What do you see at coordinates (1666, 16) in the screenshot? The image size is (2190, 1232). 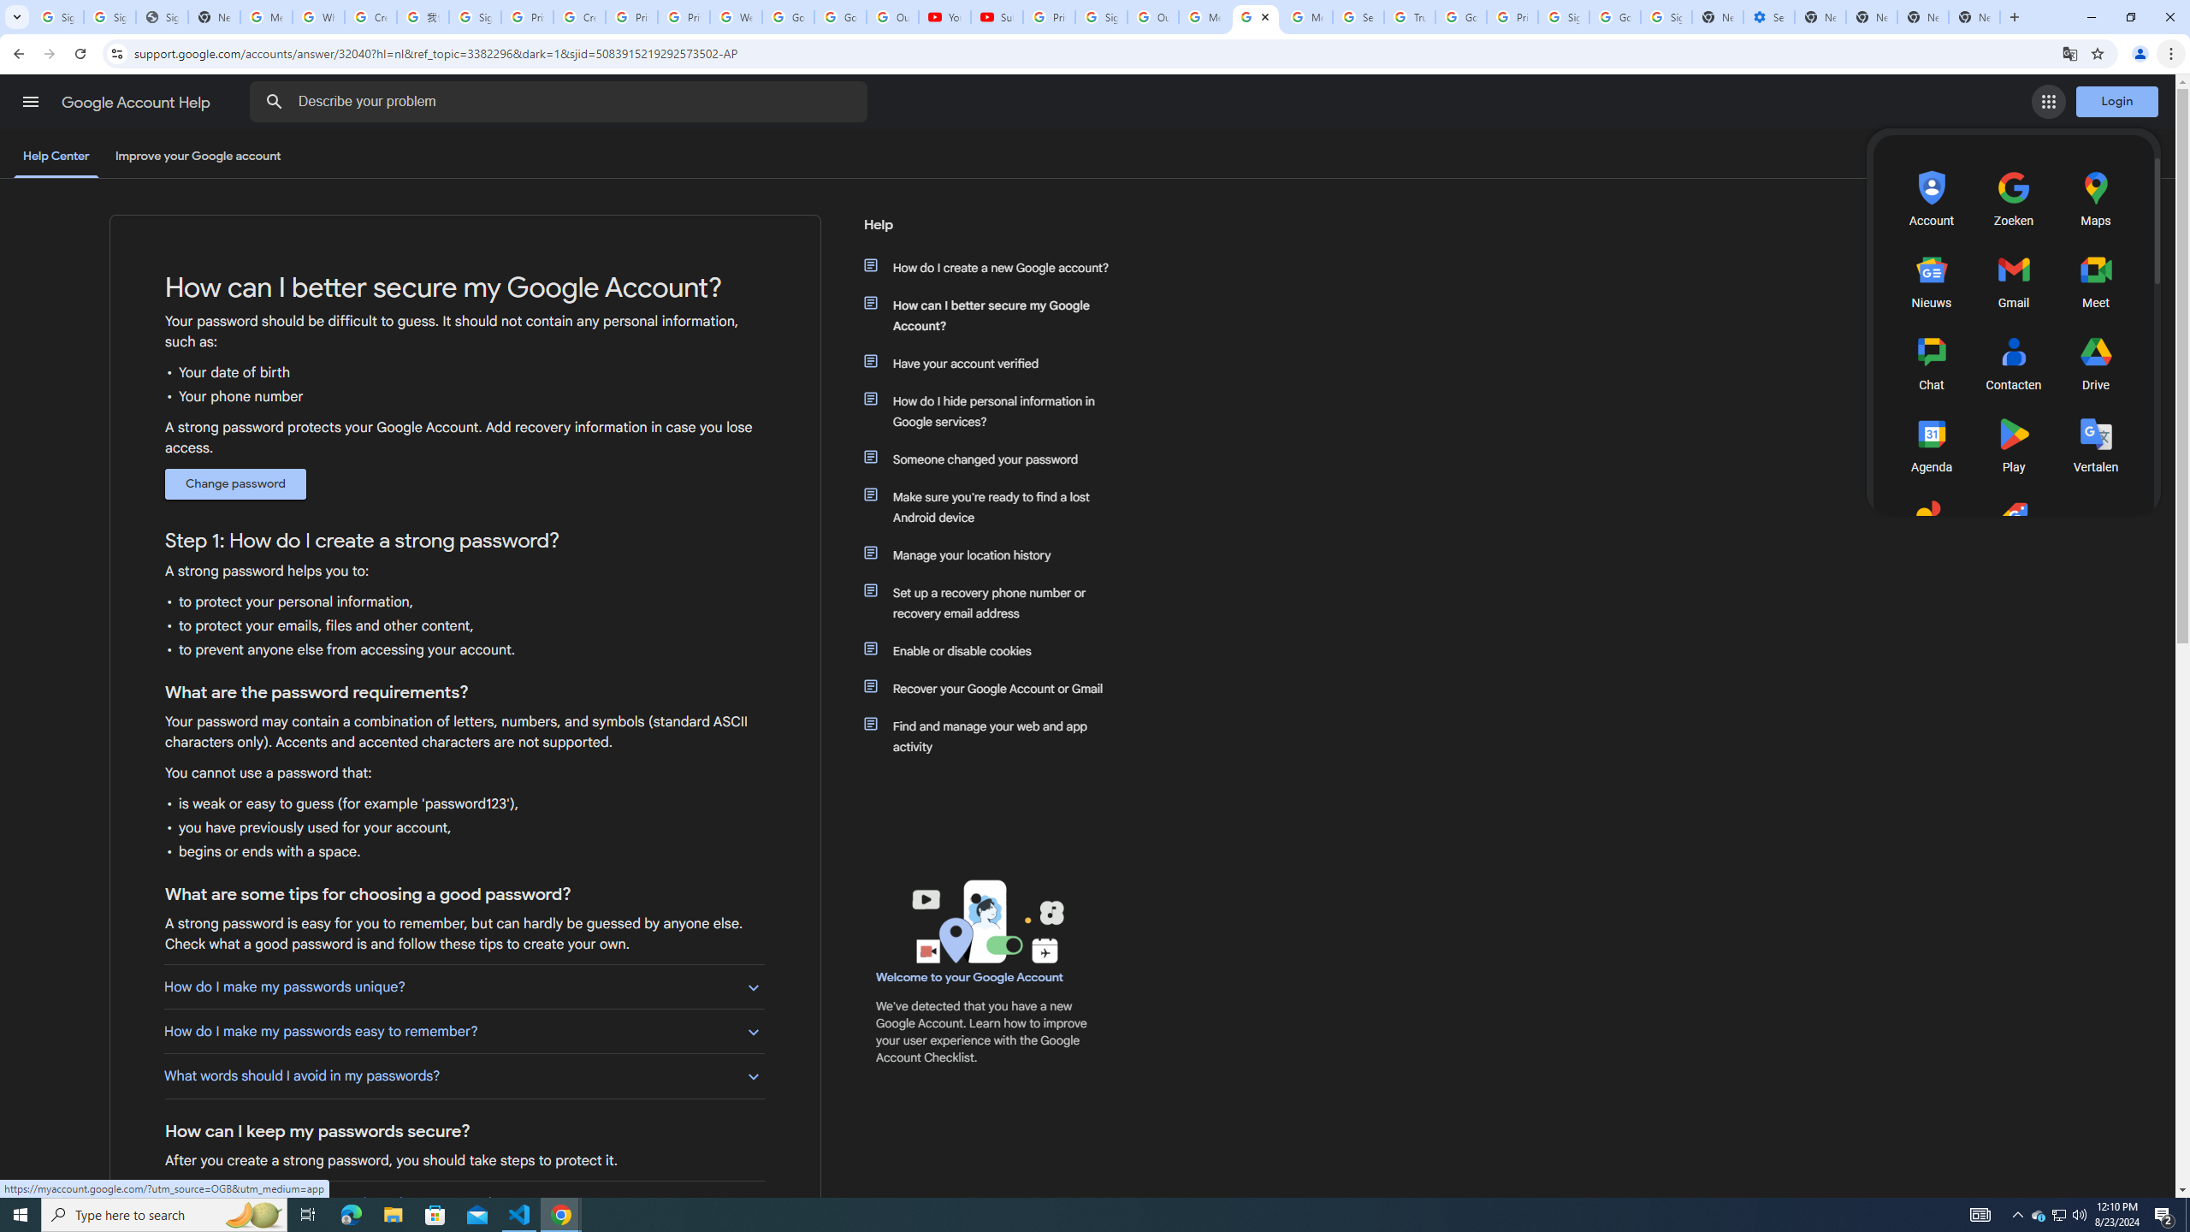 I see `'Sign in - Google Accounts'` at bounding box center [1666, 16].